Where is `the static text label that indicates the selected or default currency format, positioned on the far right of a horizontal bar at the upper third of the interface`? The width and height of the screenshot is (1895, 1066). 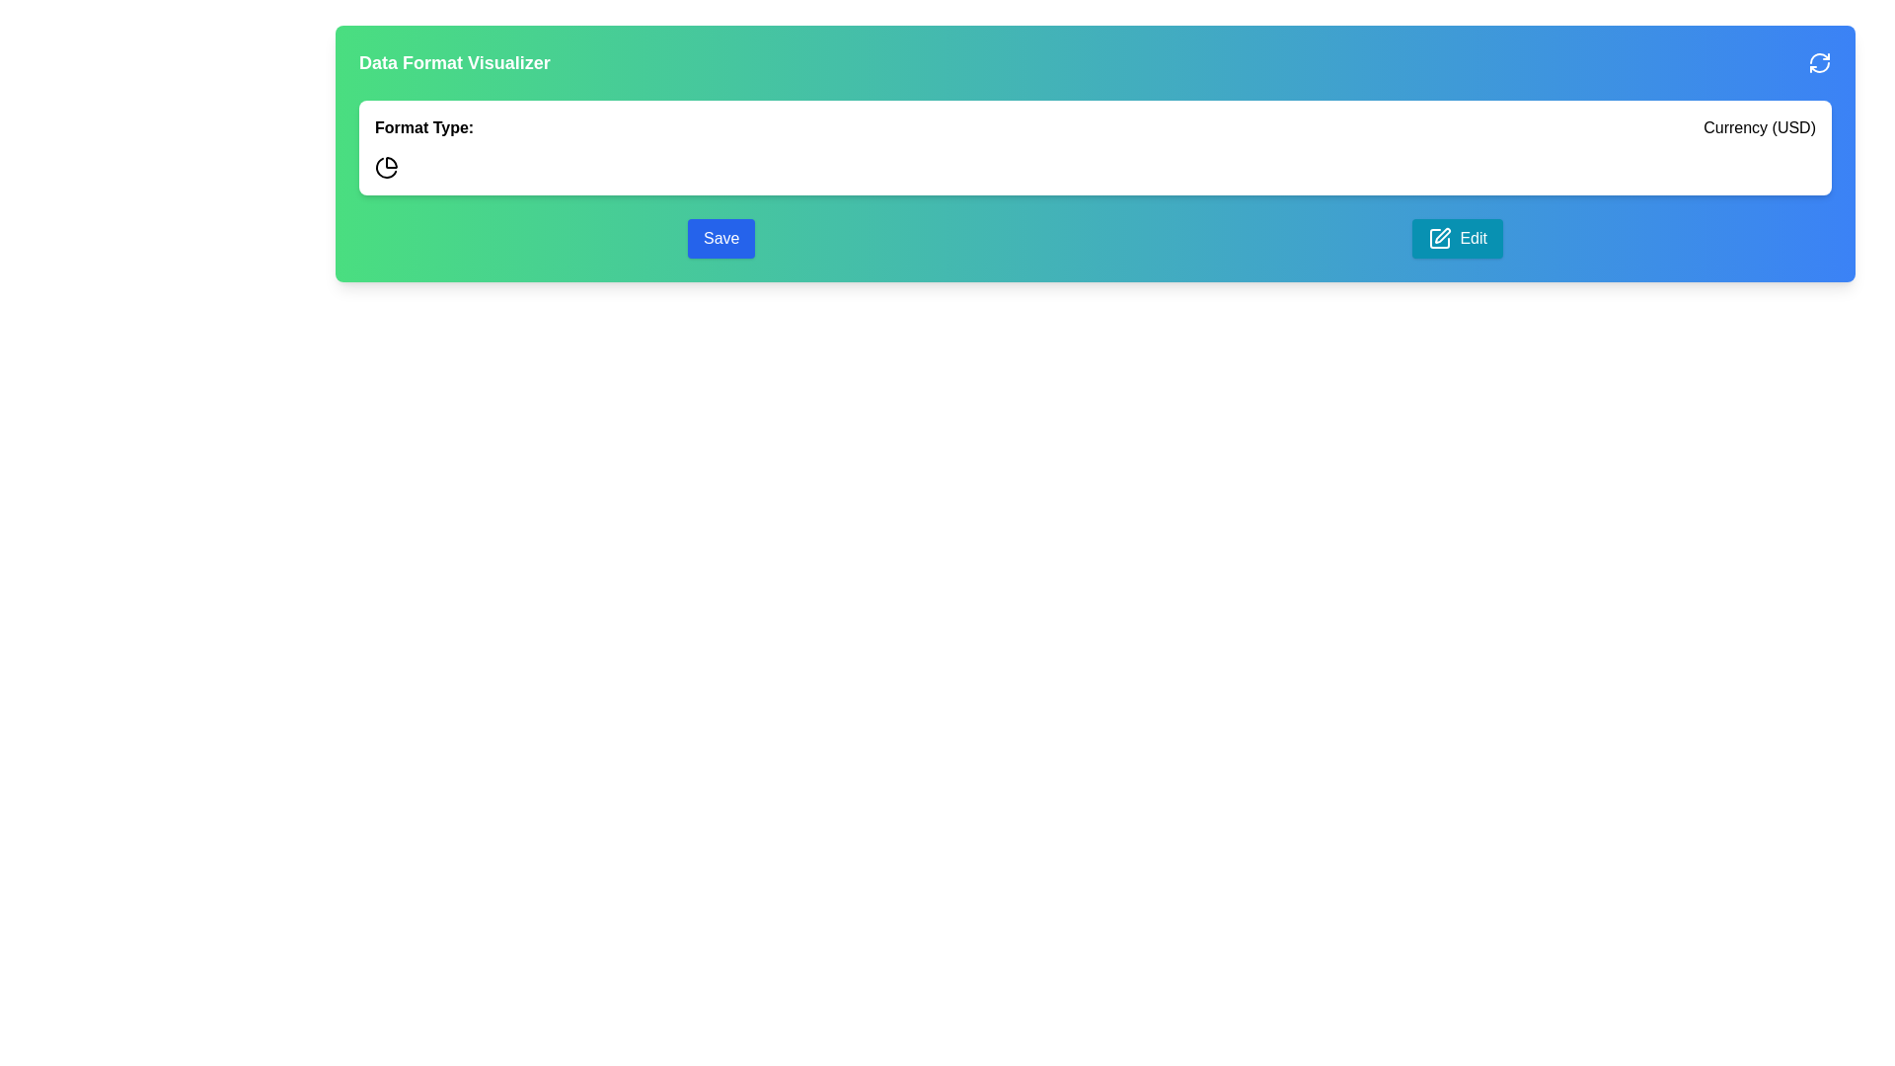 the static text label that indicates the selected or default currency format, positioned on the far right of a horizontal bar at the upper third of the interface is located at coordinates (1760, 128).